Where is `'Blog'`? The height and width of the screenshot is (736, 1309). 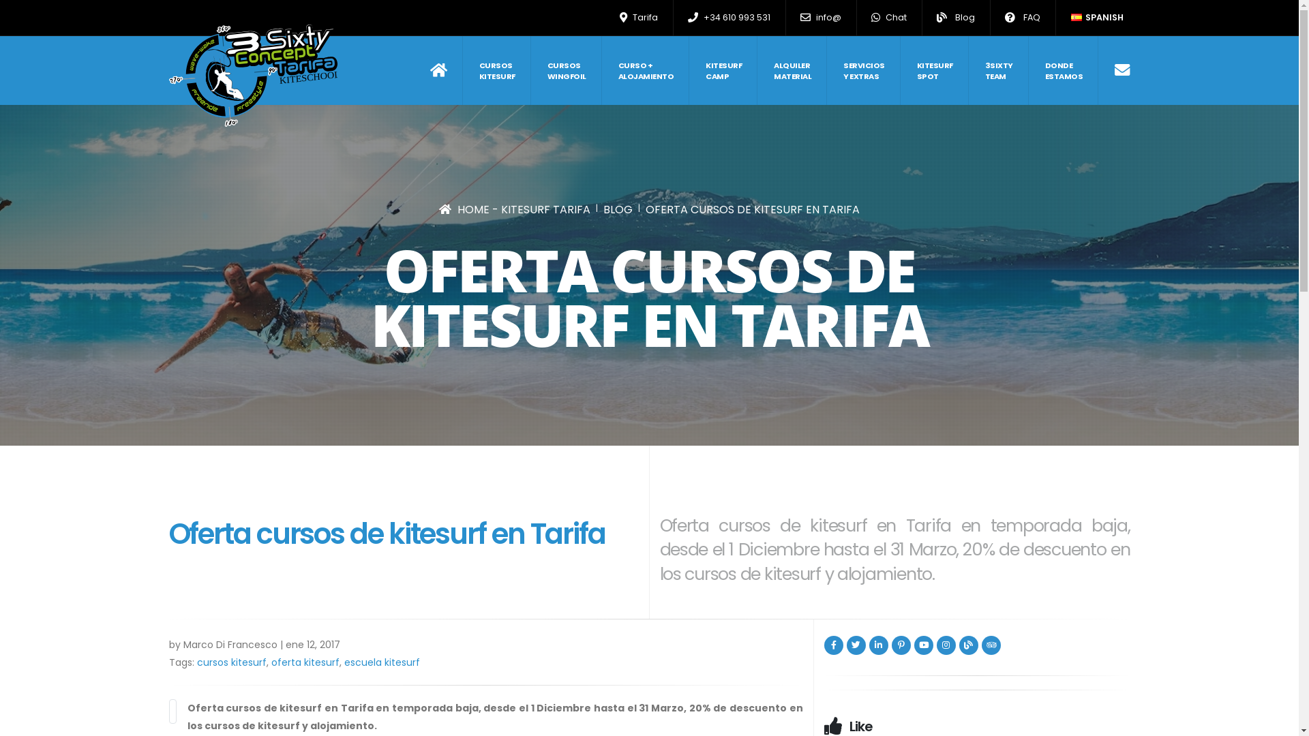 'Blog' is located at coordinates (954, 18).